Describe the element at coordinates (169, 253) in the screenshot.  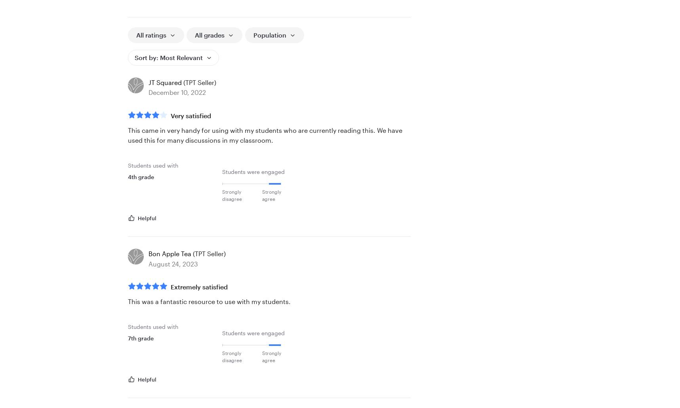
I see `'Bon Apple Tea'` at that location.